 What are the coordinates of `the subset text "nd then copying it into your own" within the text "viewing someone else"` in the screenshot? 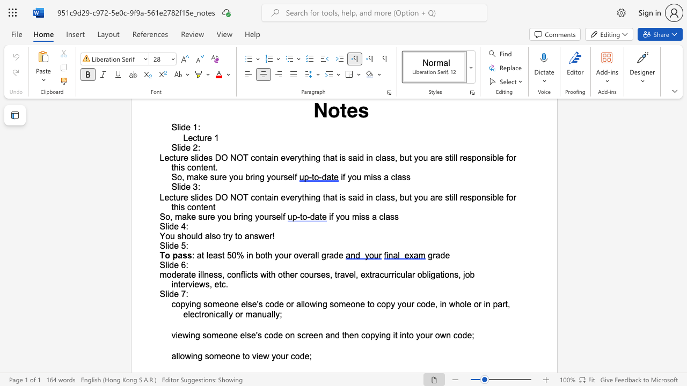 It's located at (330, 335).